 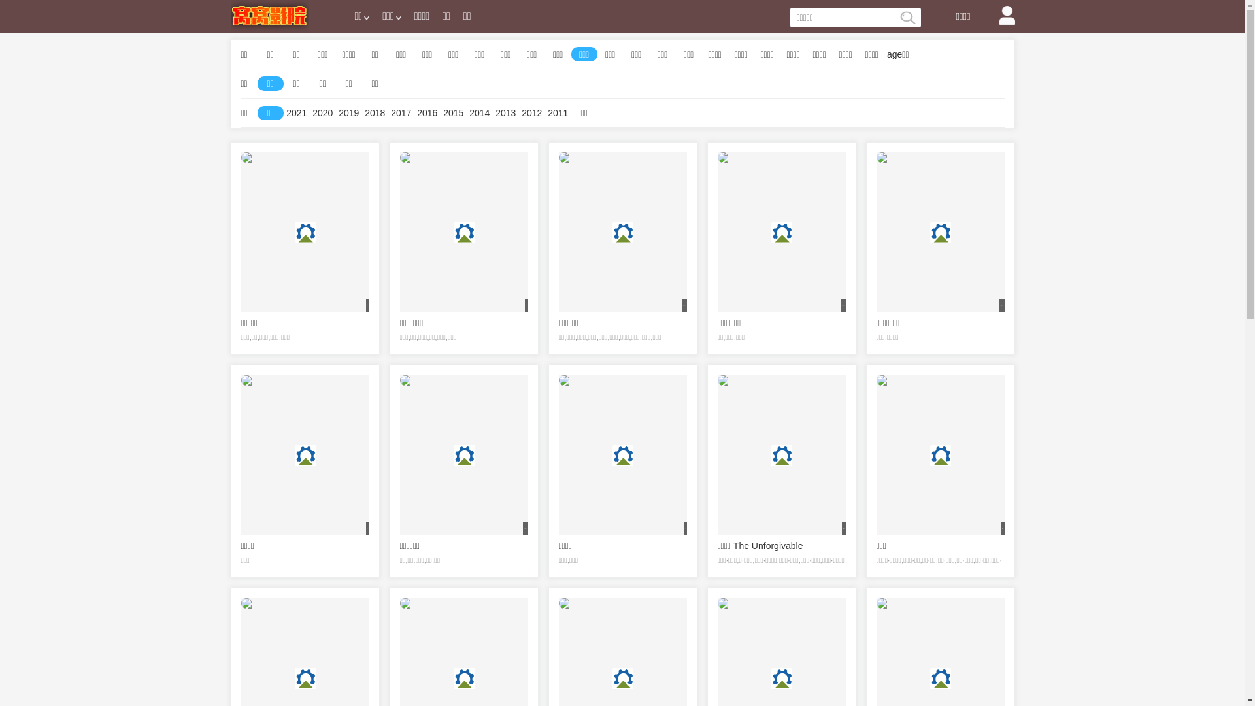 I want to click on '2014', so click(x=478, y=112).